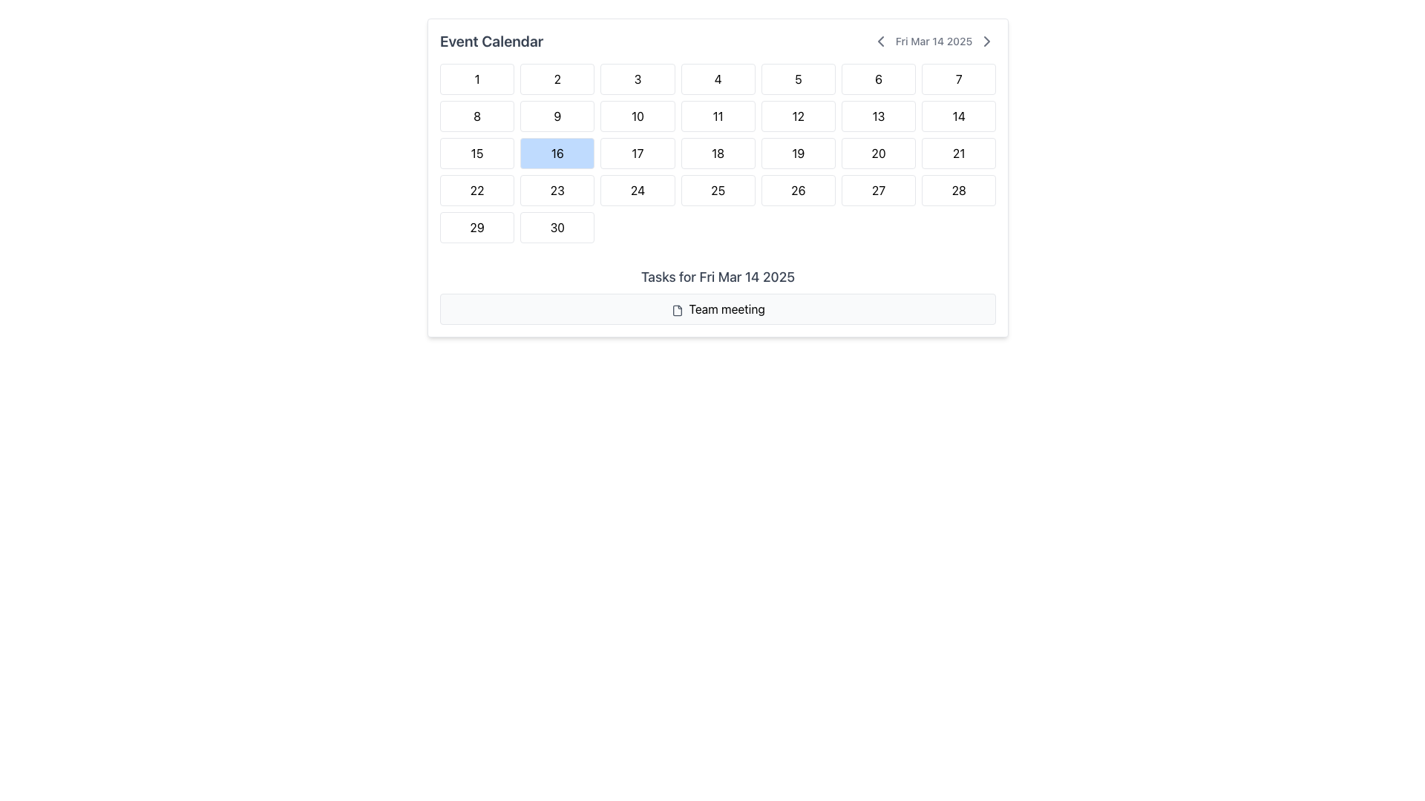  What do you see at coordinates (880, 41) in the screenshot?
I see `the backward navigation button located to the left of the date display 'Fri Mar 14 2025'` at bounding box center [880, 41].